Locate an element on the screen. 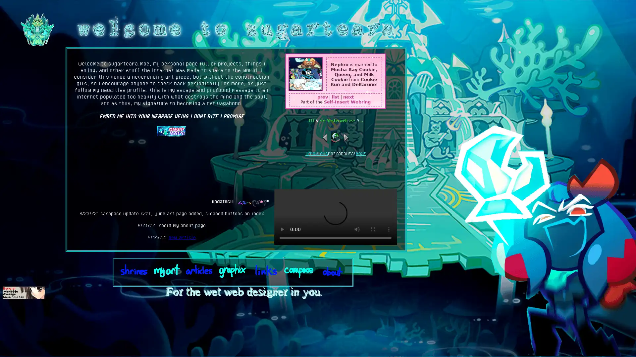  show more media controls is located at coordinates (389, 229).